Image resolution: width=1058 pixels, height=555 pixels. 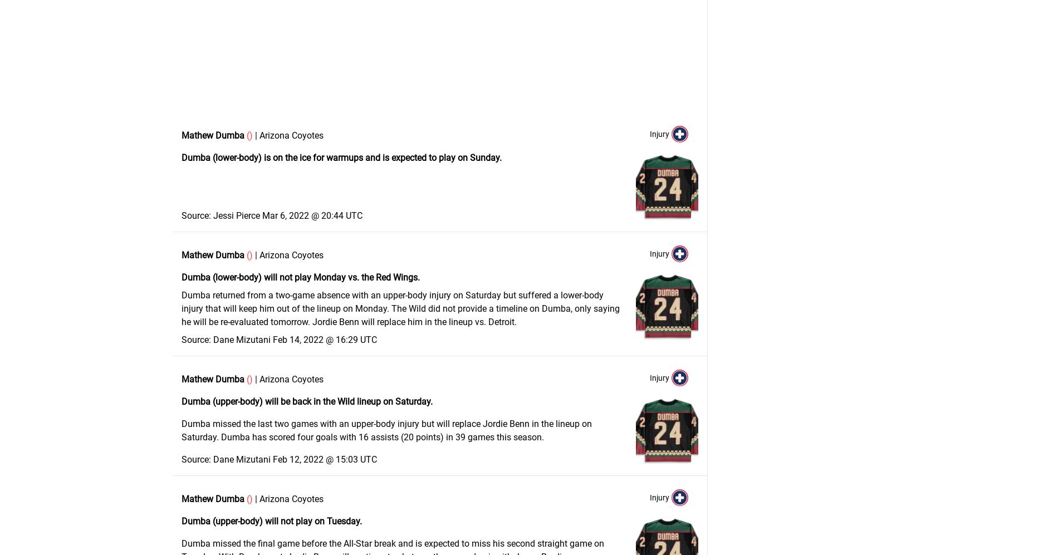 I want to click on 'Dumba (lower-body) will not play Monday vs. the Red Wings.', so click(x=300, y=277).